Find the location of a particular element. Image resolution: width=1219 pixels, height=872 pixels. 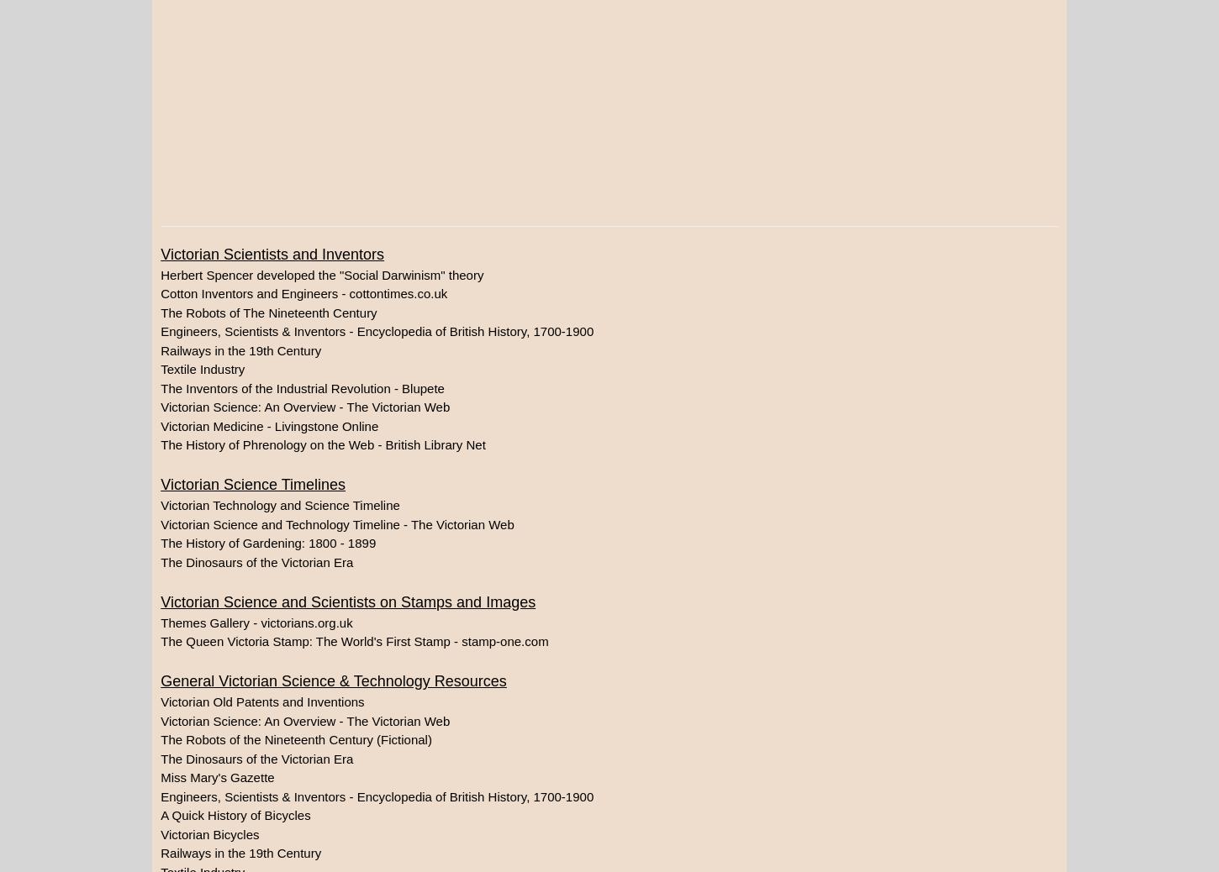

'Victorian Science and Scientists on Stamps and Images' is located at coordinates (346, 601).